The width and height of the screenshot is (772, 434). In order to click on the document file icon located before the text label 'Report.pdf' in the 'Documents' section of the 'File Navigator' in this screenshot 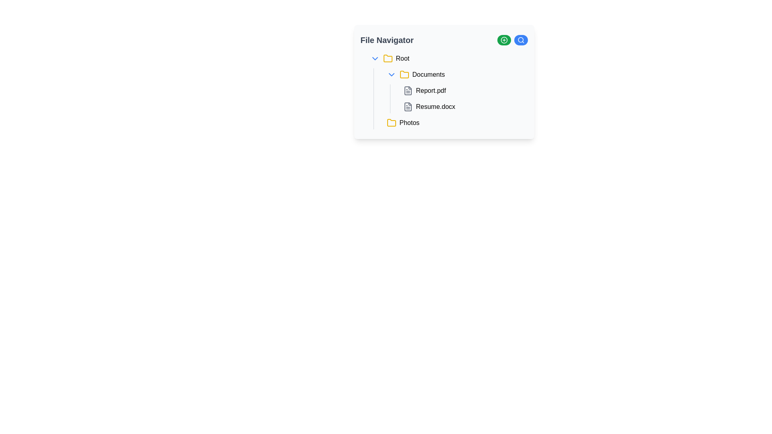, I will do `click(408, 90)`.